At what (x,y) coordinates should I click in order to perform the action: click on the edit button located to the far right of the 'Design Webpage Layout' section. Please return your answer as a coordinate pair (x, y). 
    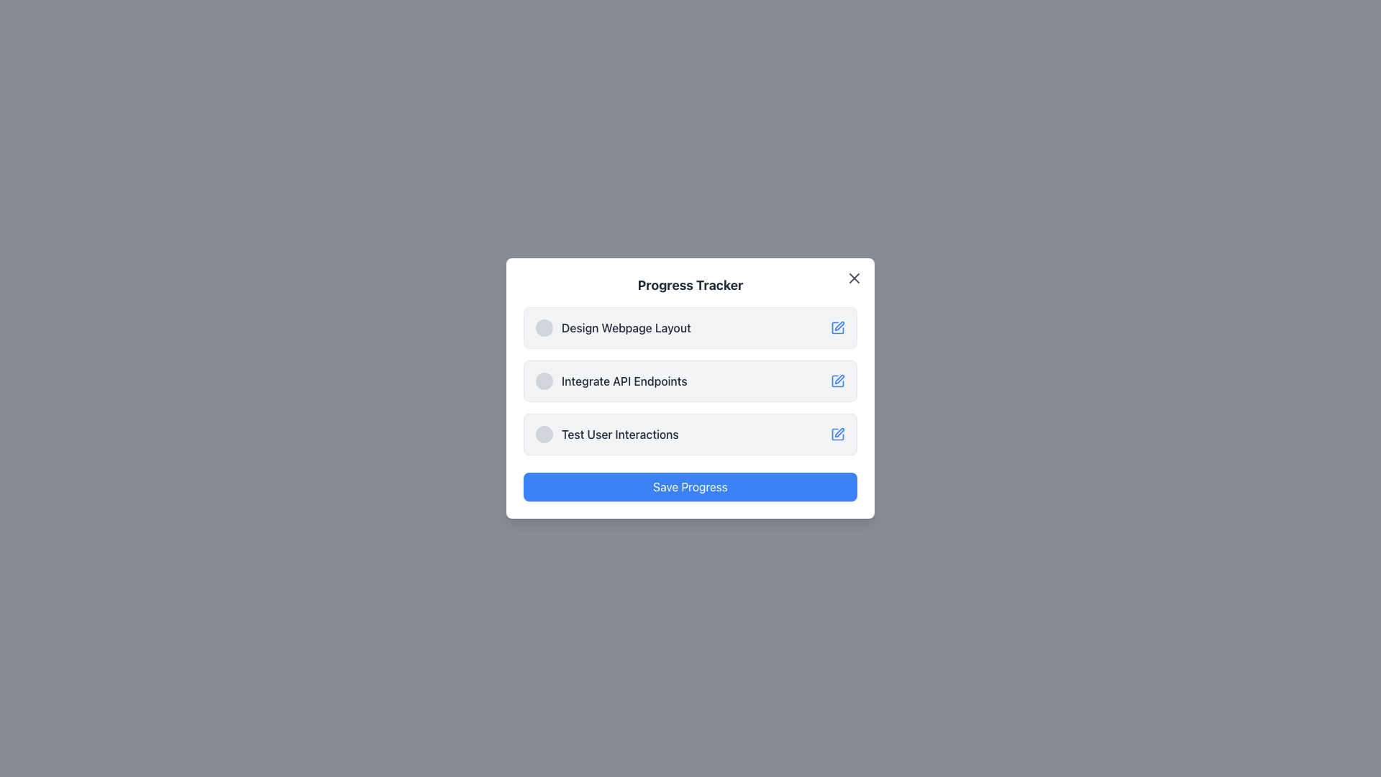
    Looking at the image, I should click on (838, 327).